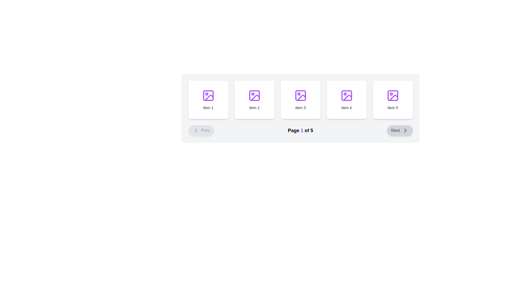 This screenshot has width=509, height=286. What do you see at coordinates (208, 96) in the screenshot?
I see `the Icon representing 'Item 1', which is the first in a row of five items in a card layout with rounded corners and a white background` at bounding box center [208, 96].